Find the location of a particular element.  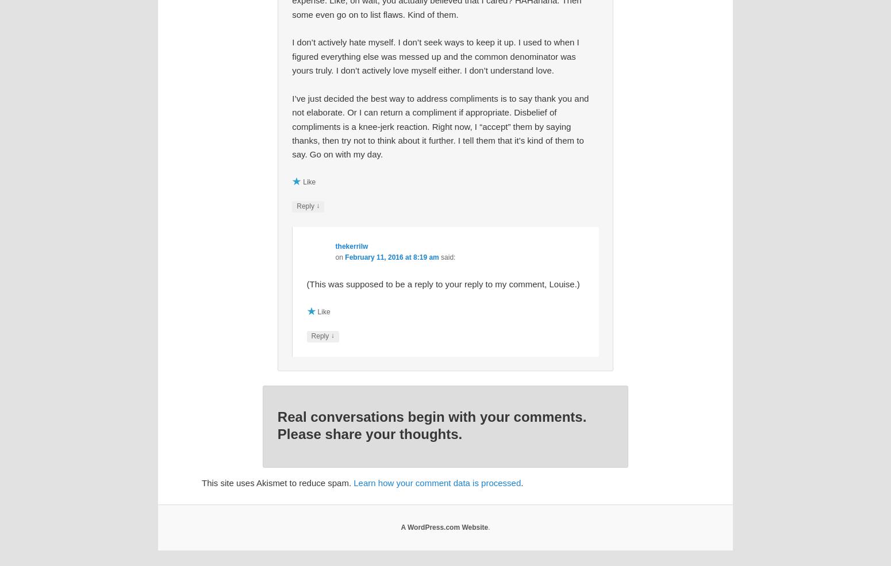

'A WordPress.com Website' is located at coordinates (444, 528).